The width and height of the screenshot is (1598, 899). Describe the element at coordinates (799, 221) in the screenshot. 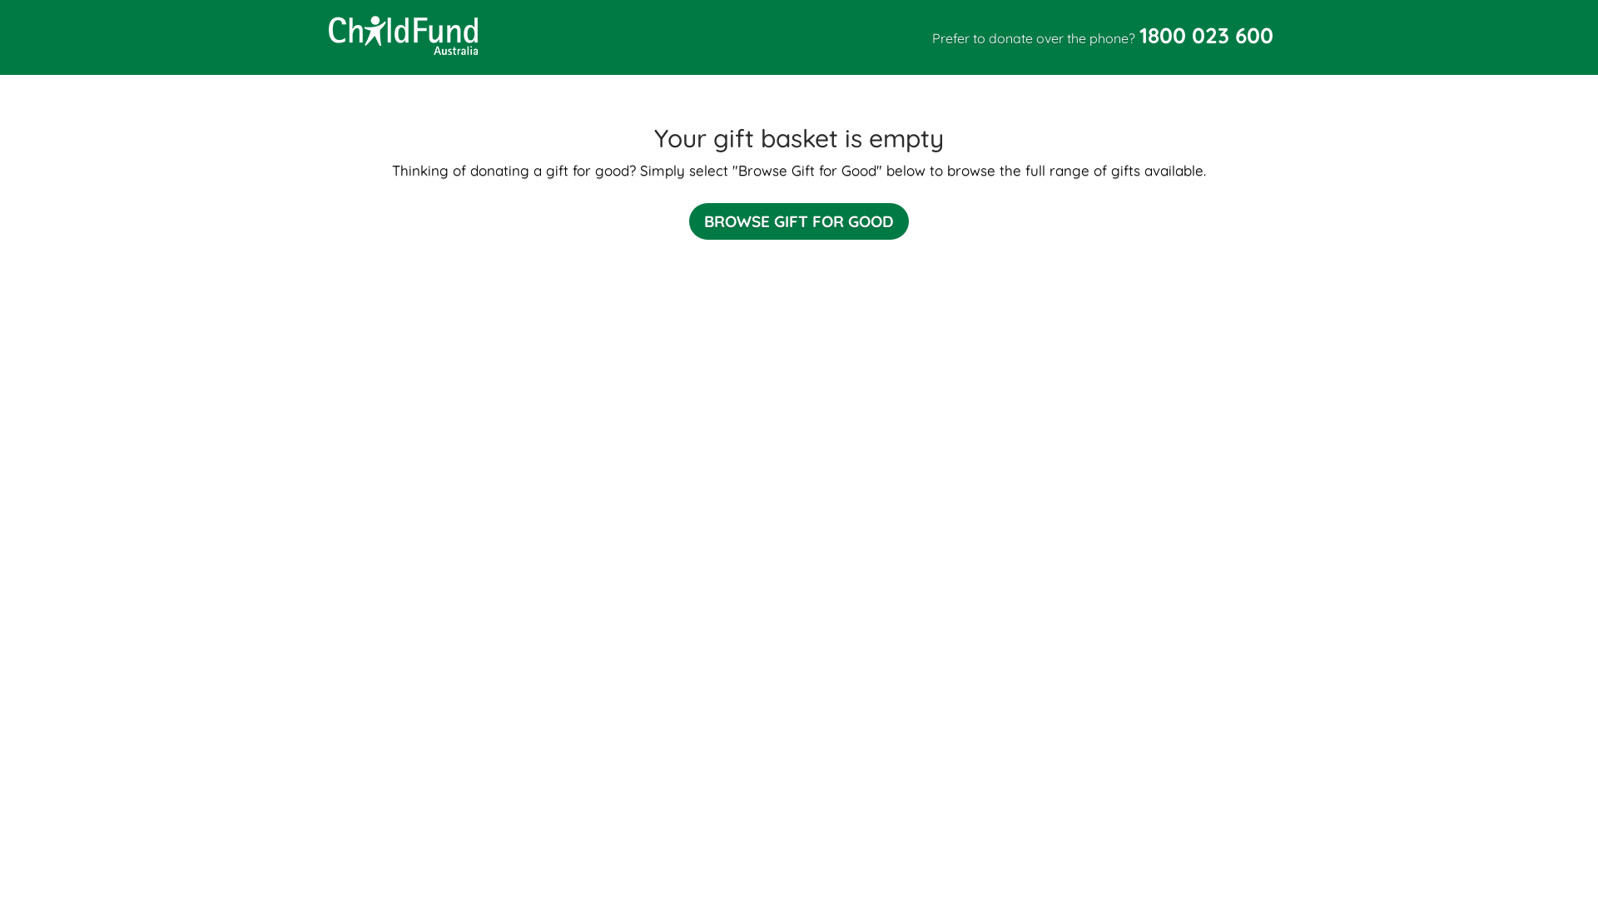

I see `'BROWSE GIFT FOR GOOD'` at that location.